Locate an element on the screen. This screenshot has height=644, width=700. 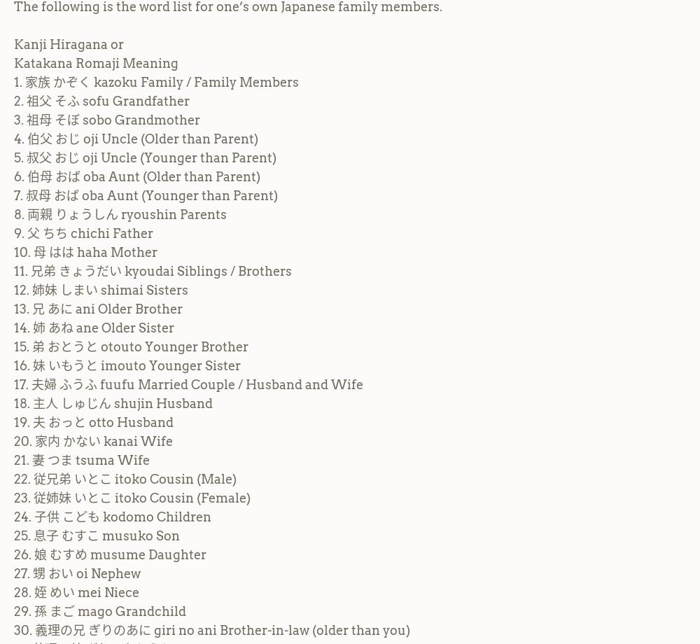
'18.	主人	しゅじん	shujin	Husband' is located at coordinates (14, 402).